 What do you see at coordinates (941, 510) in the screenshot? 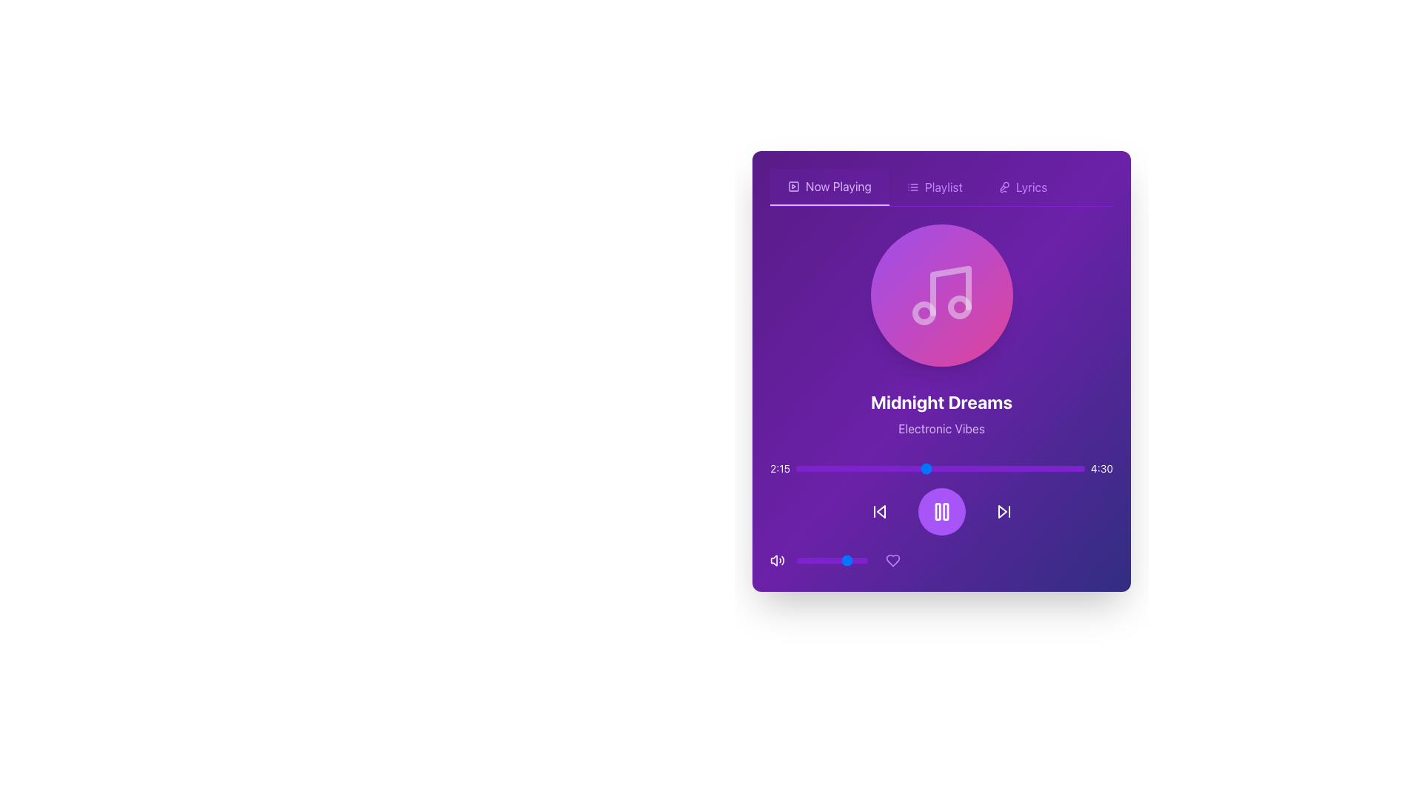
I see `the pause button, which is a circular icon located in the center of the audio player section, positioned between the backward and forward navigation icons` at bounding box center [941, 510].